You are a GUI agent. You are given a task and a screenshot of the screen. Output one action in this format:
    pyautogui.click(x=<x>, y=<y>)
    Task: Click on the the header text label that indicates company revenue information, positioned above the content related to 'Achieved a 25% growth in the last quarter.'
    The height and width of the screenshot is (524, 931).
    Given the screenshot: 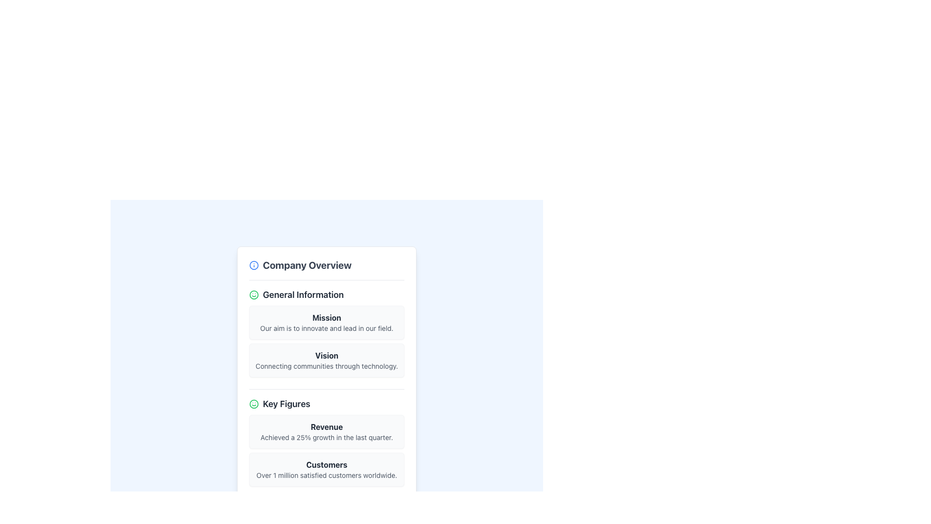 What is the action you would take?
    pyautogui.click(x=326, y=426)
    